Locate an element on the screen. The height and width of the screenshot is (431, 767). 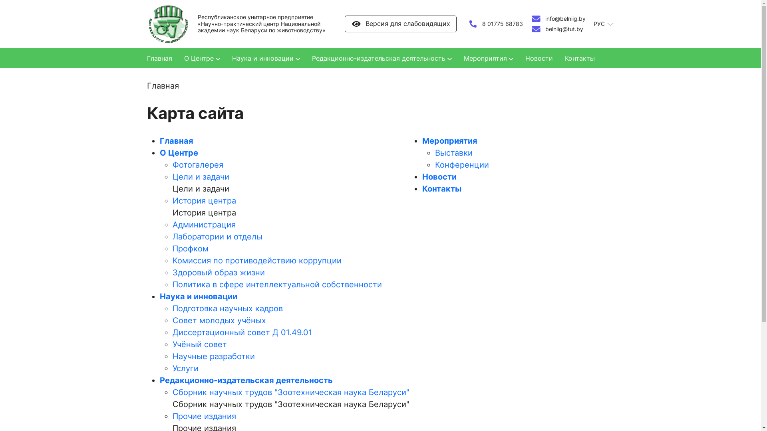
'belniig@tut.by' is located at coordinates (531, 29).